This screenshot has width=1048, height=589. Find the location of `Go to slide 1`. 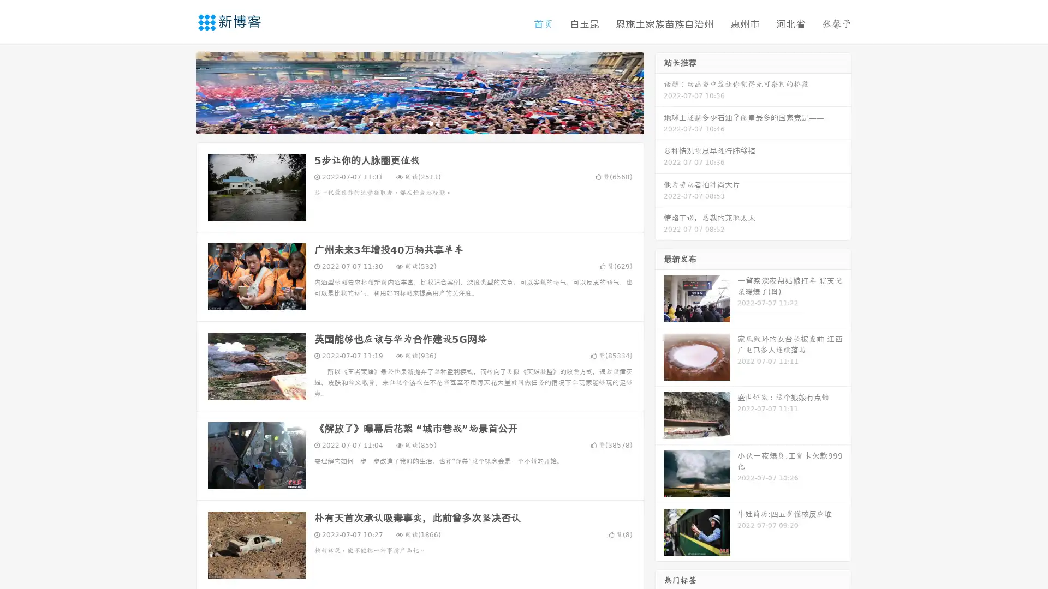

Go to slide 1 is located at coordinates (408, 123).